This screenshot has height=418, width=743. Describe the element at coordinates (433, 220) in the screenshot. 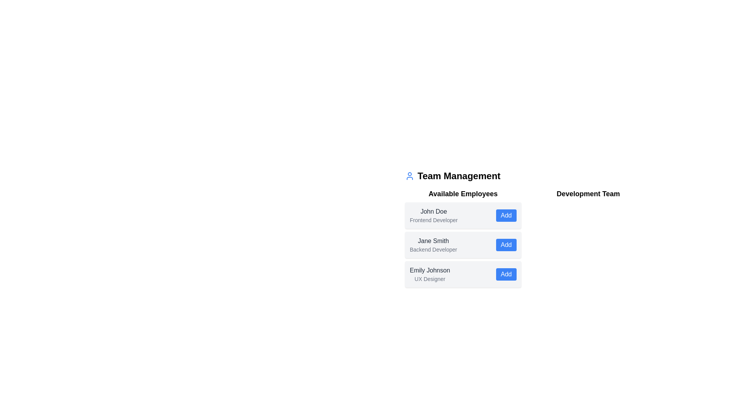

I see `the 'Frontend Developer' text label that displays the job role of the individual 'John Doe' in the 'Available Employees' list under 'Team Management'` at that location.